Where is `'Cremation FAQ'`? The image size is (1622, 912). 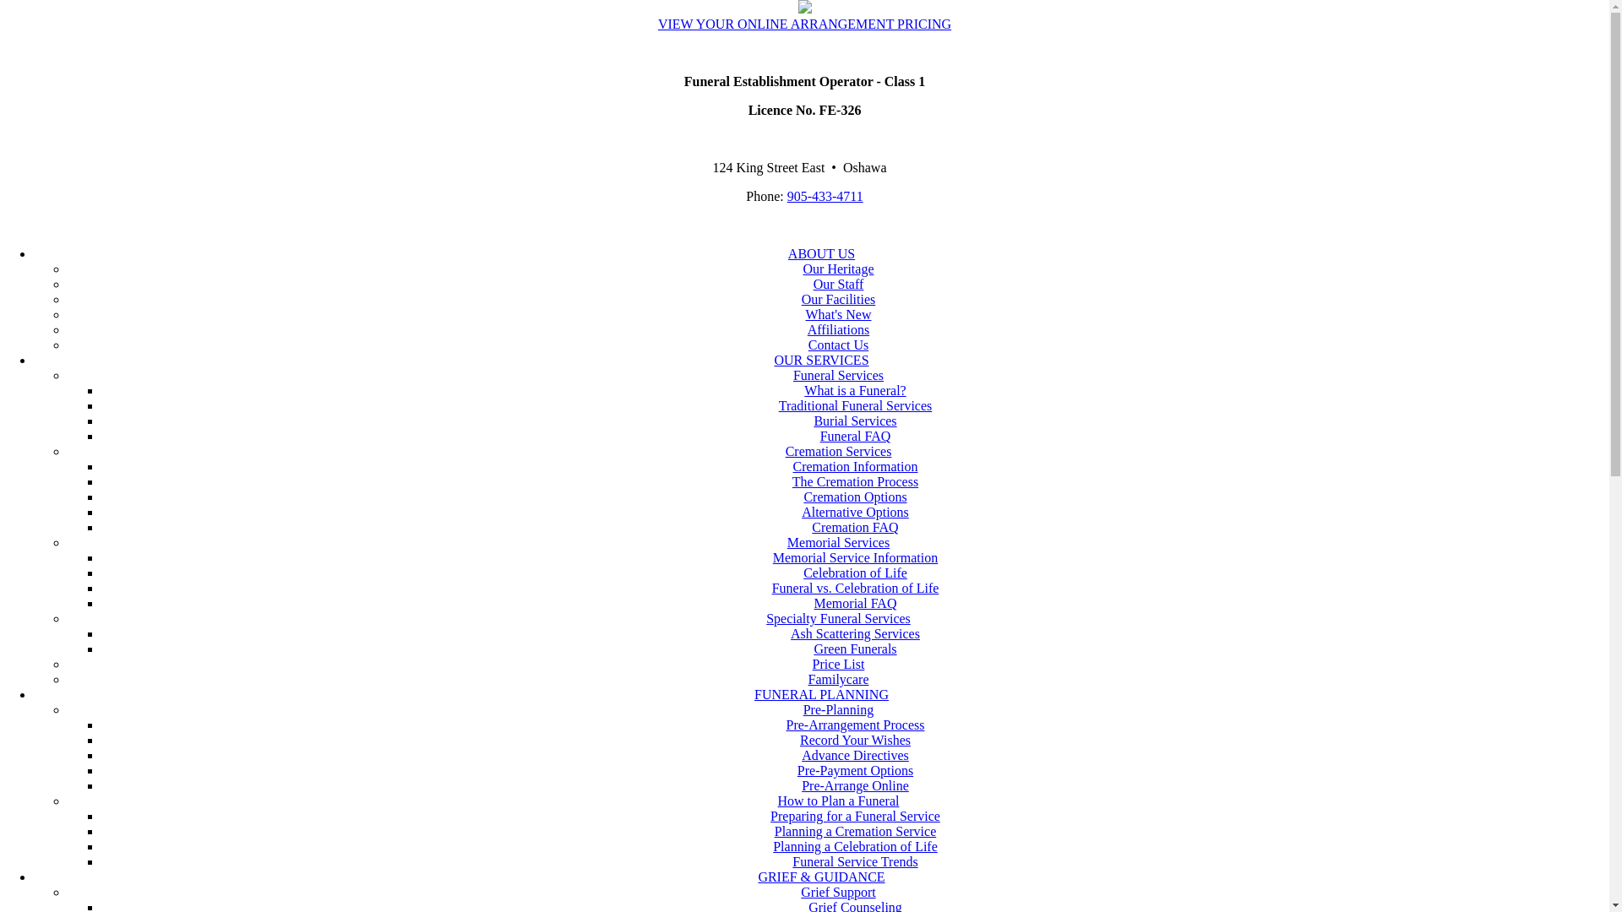
'Cremation FAQ' is located at coordinates (855, 526).